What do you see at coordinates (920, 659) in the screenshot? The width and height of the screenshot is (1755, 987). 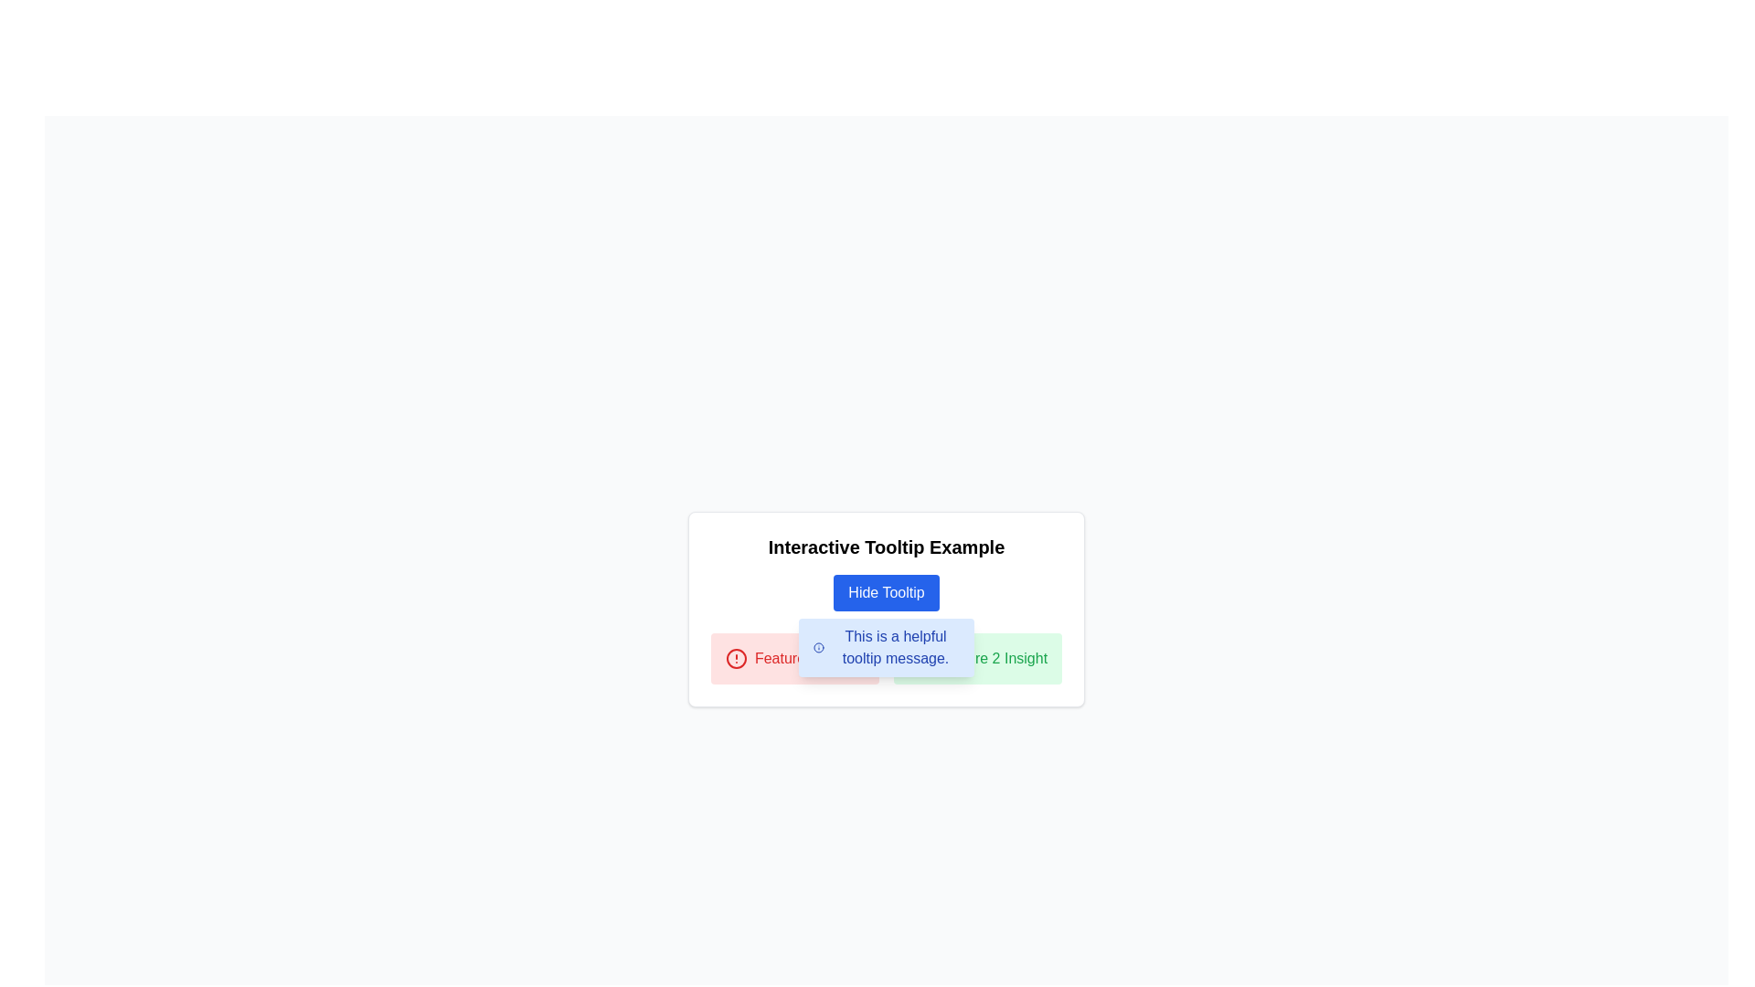 I see `the circular SVG icon featuring a green outline and a central '!' symbol, which is located to the left of the text 'Feature 2 Insight'` at bounding box center [920, 659].